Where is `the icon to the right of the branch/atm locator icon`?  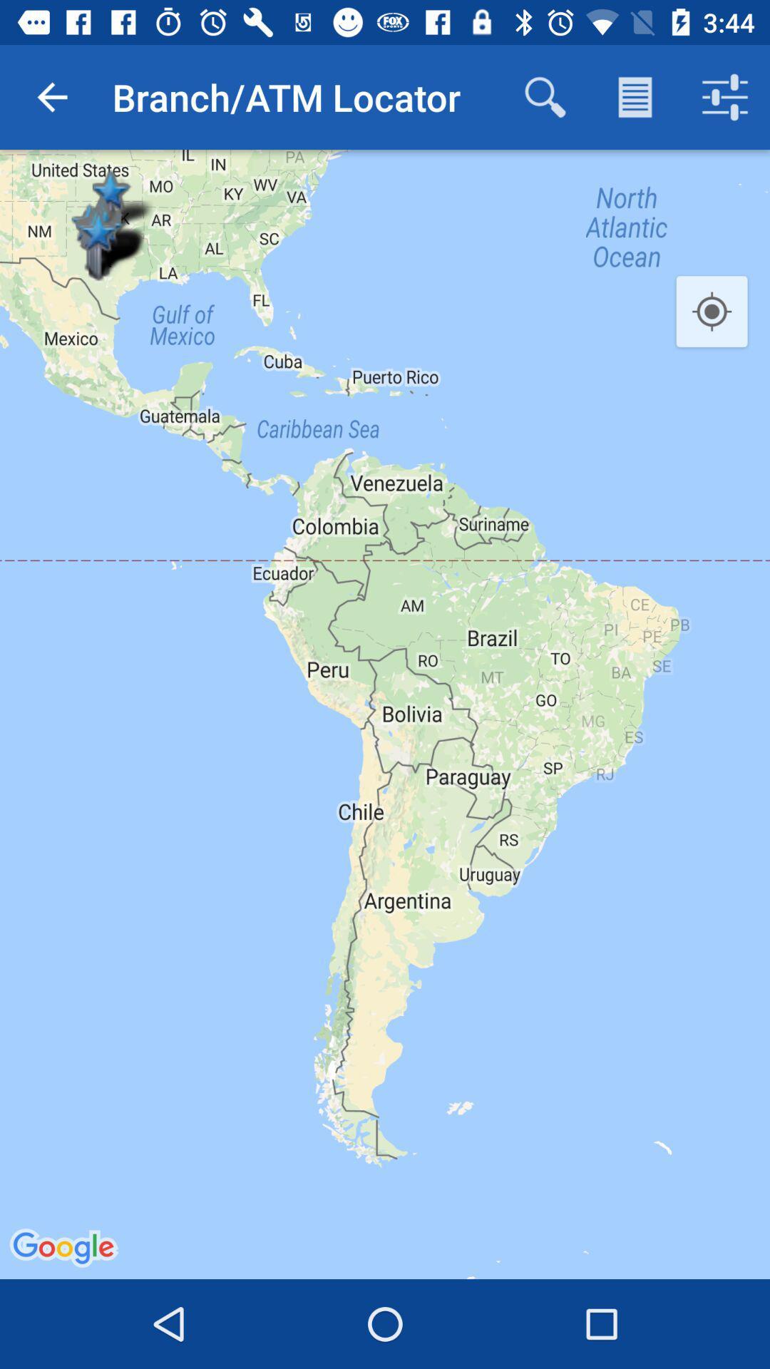
the icon to the right of the branch/atm locator icon is located at coordinates (545, 96).